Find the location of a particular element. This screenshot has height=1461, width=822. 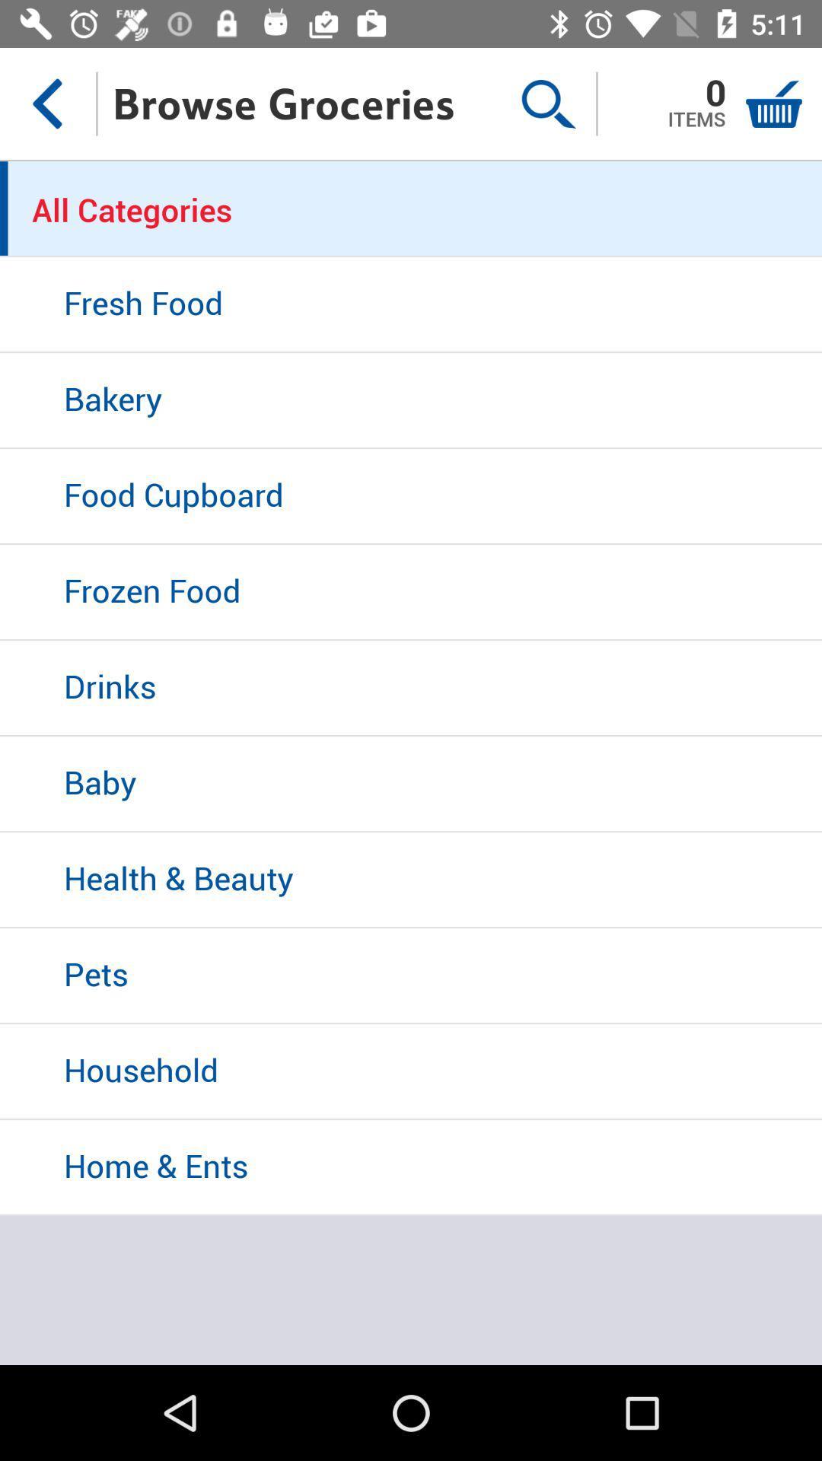

the item to the right of browse groceries item is located at coordinates (548, 103).